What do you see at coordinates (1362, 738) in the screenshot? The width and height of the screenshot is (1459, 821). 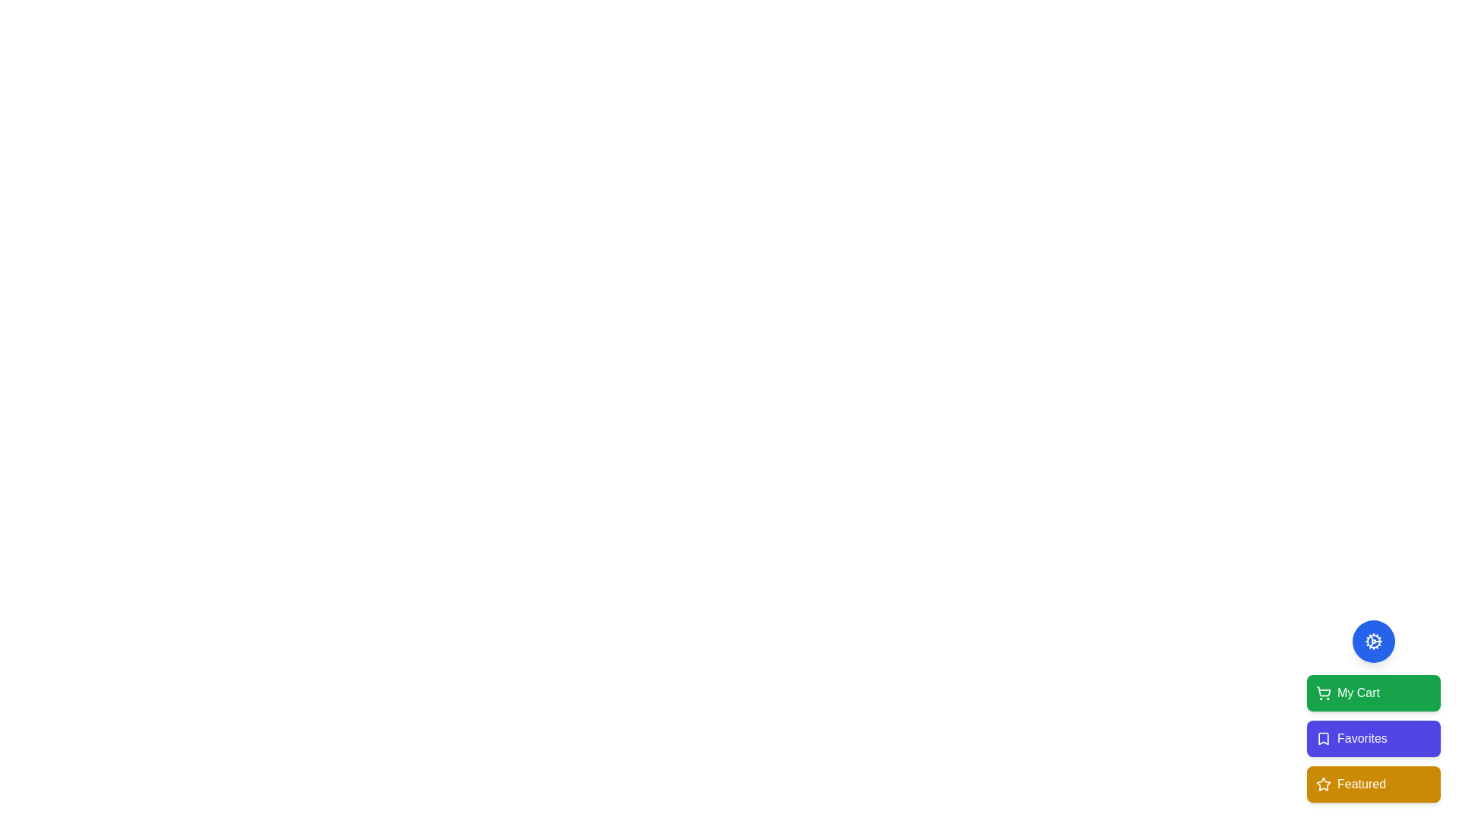 I see `the static text label displaying 'Favorites' on the purple button, located to the right side of the interface, centered within the button` at bounding box center [1362, 738].